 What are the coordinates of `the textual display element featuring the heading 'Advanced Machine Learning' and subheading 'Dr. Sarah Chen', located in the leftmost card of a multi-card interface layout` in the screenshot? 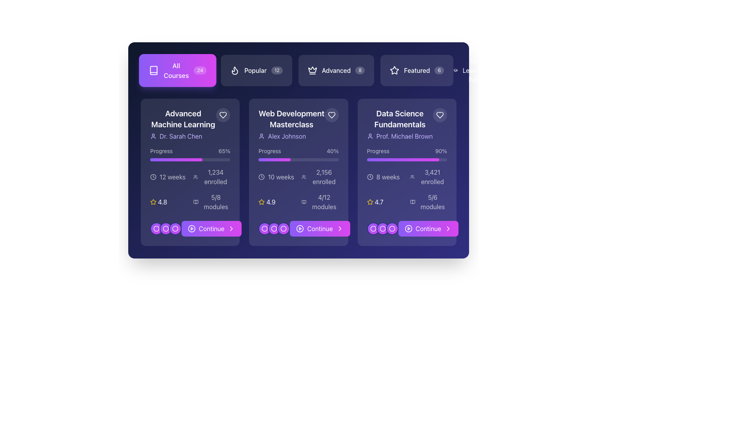 It's located at (183, 124).